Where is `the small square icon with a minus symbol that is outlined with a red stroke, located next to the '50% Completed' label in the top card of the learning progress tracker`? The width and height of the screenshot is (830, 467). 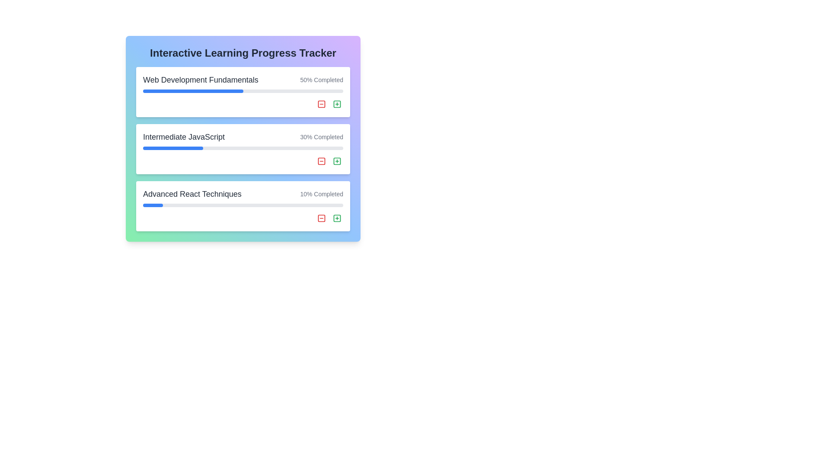 the small square icon with a minus symbol that is outlined with a red stroke, located next to the '50% Completed' label in the top card of the learning progress tracker is located at coordinates (321, 103).